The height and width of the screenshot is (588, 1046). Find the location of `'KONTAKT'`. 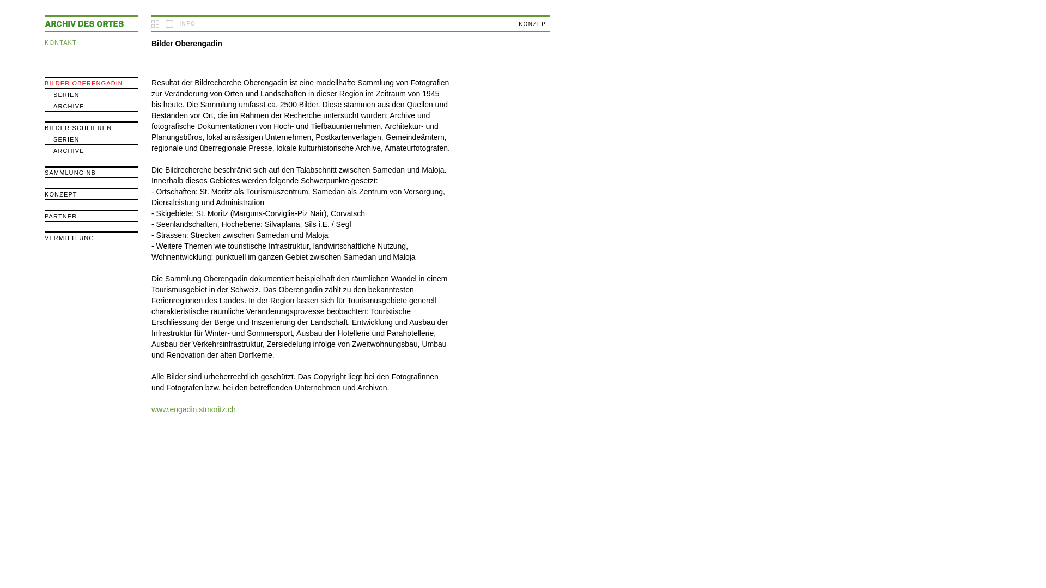

'KONTAKT' is located at coordinates (60, 41).